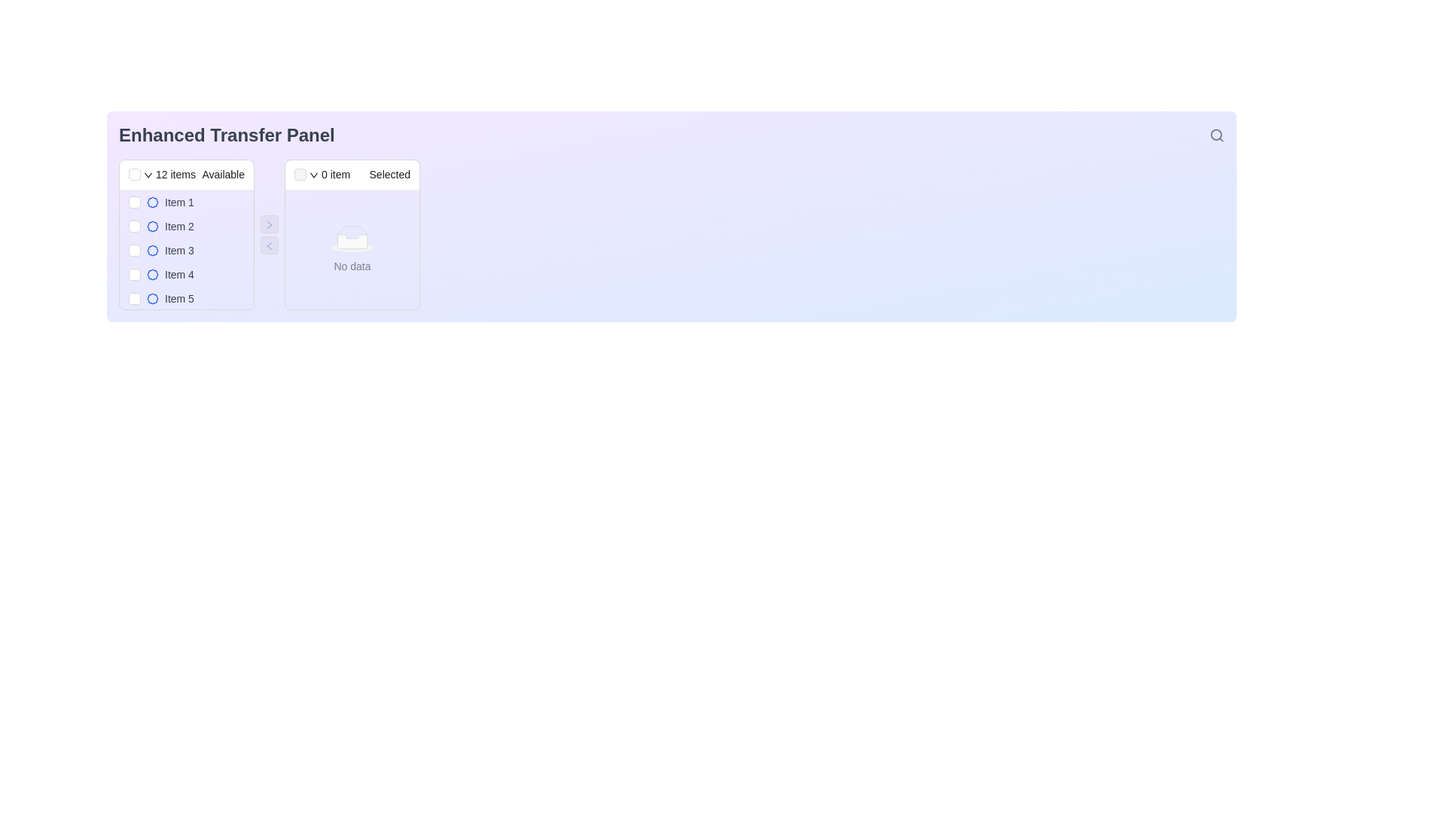 The image size is (1446, 813). What do you see at coordinates (179, 275) in the screenshot?
I see `the text label identifying the fourth selectable item in the list under 'Enhanced Transfer Panel'` at bounding box center [179, 275].